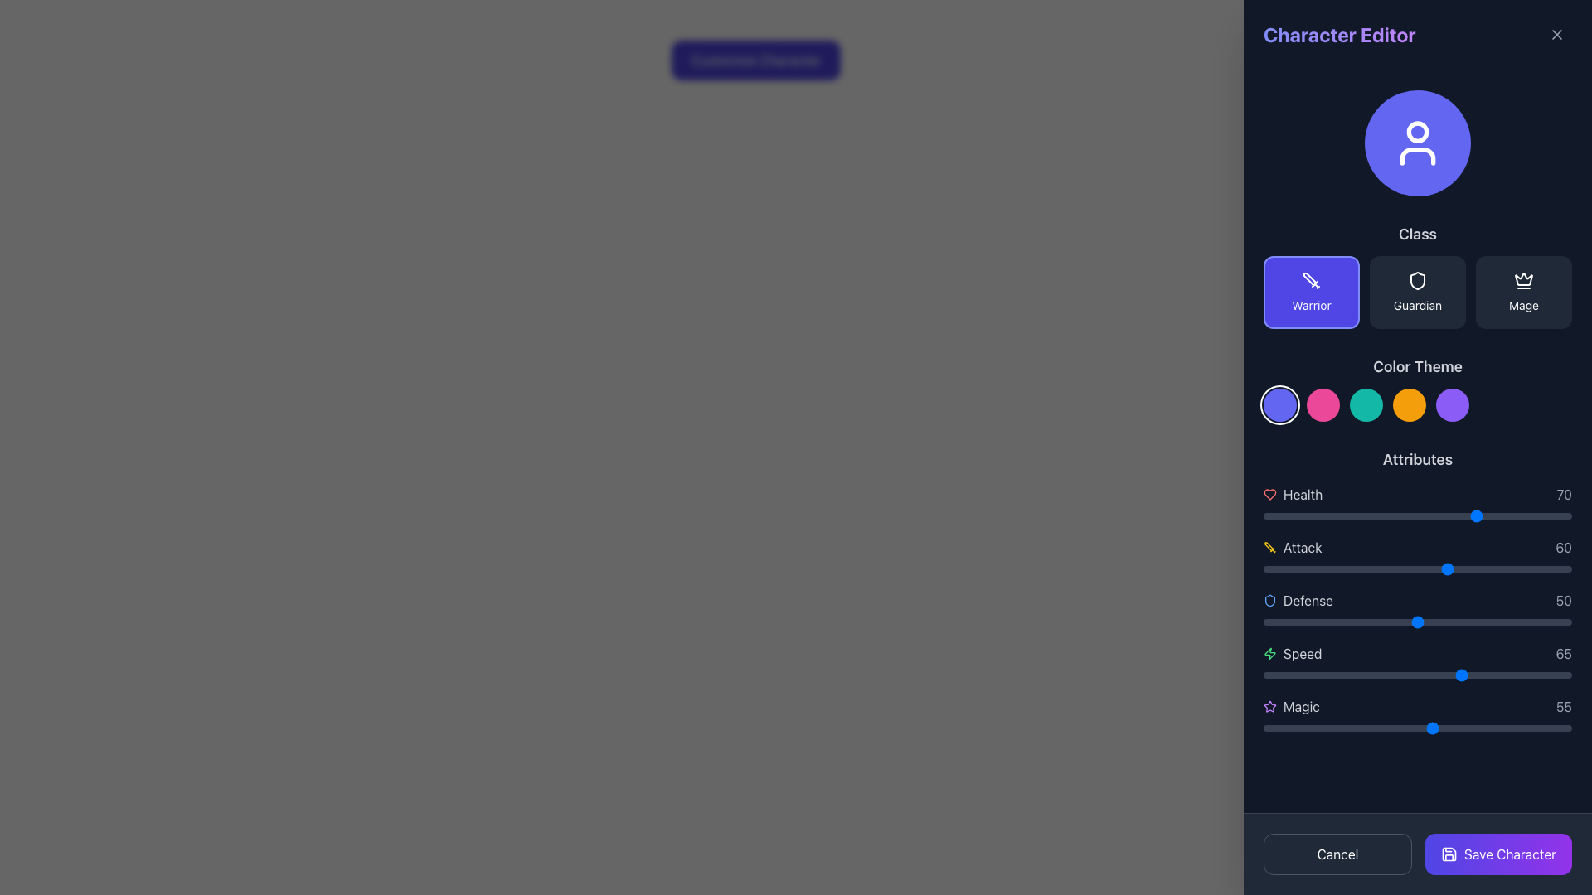 The height and width of the screenshot is (895, 1592). I want to click on the 'Cancel' button, which displays the text in bold with rounded borders and a dark background, to observe its color change, so click(1337, 854).